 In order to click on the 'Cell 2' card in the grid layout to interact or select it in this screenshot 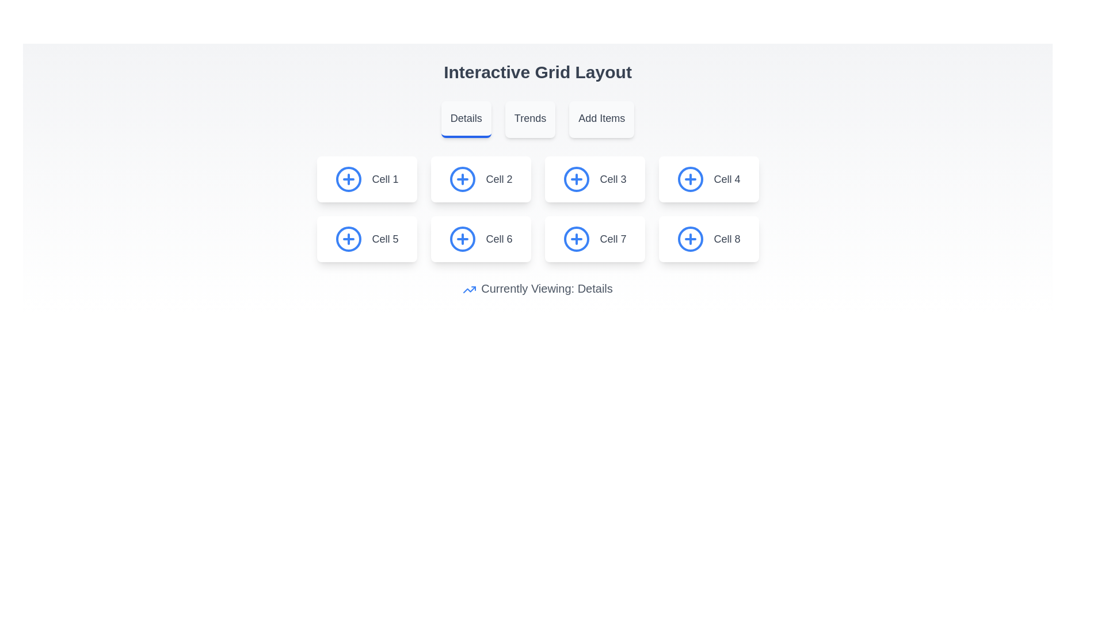, I will do `click(481, 179)`.